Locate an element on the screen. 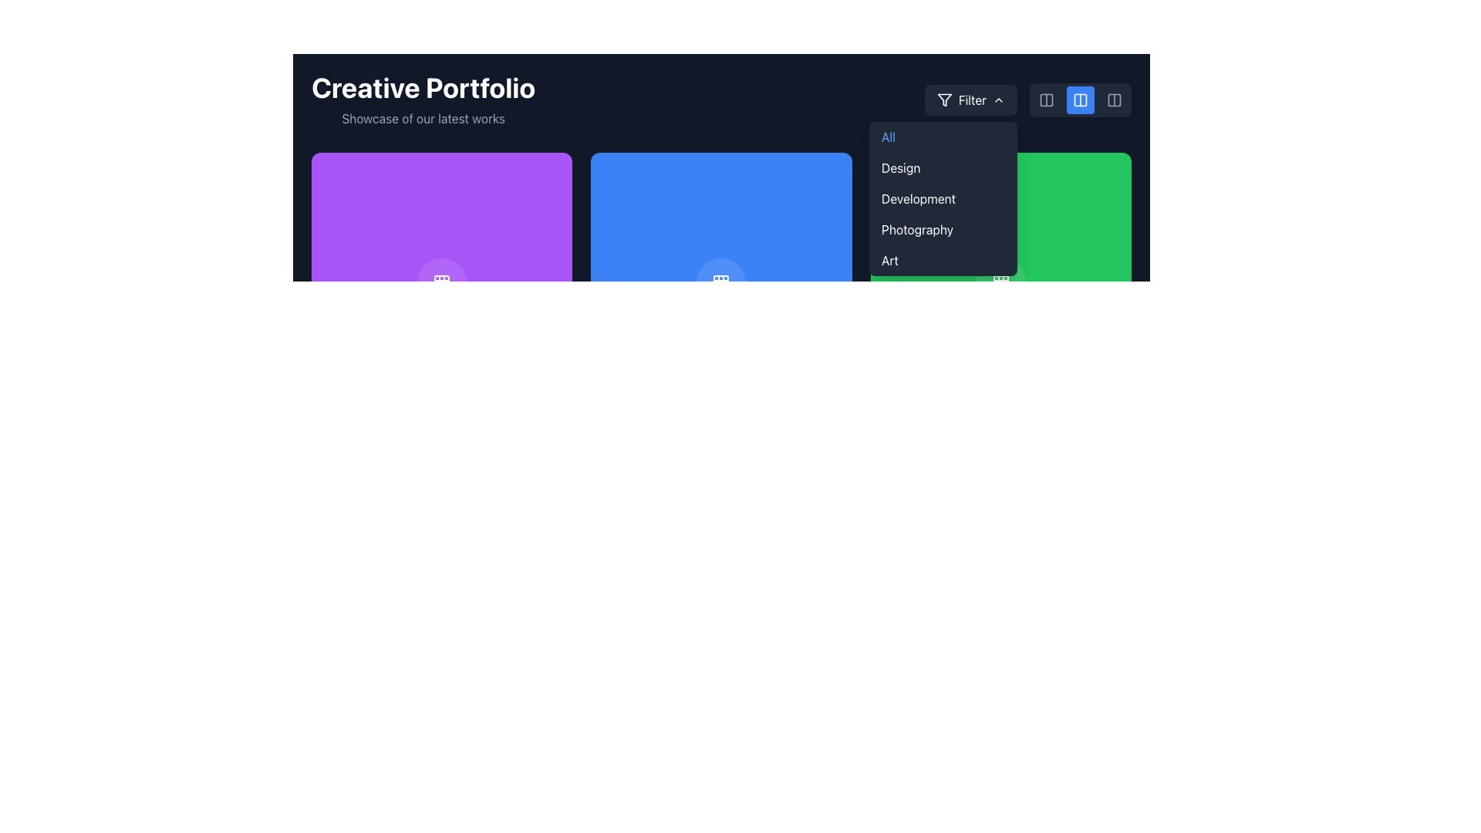 The height and width of the screenshot is (833, 1481). the button at the center of the purple card's bottom border is located at coordinates (441, 283).